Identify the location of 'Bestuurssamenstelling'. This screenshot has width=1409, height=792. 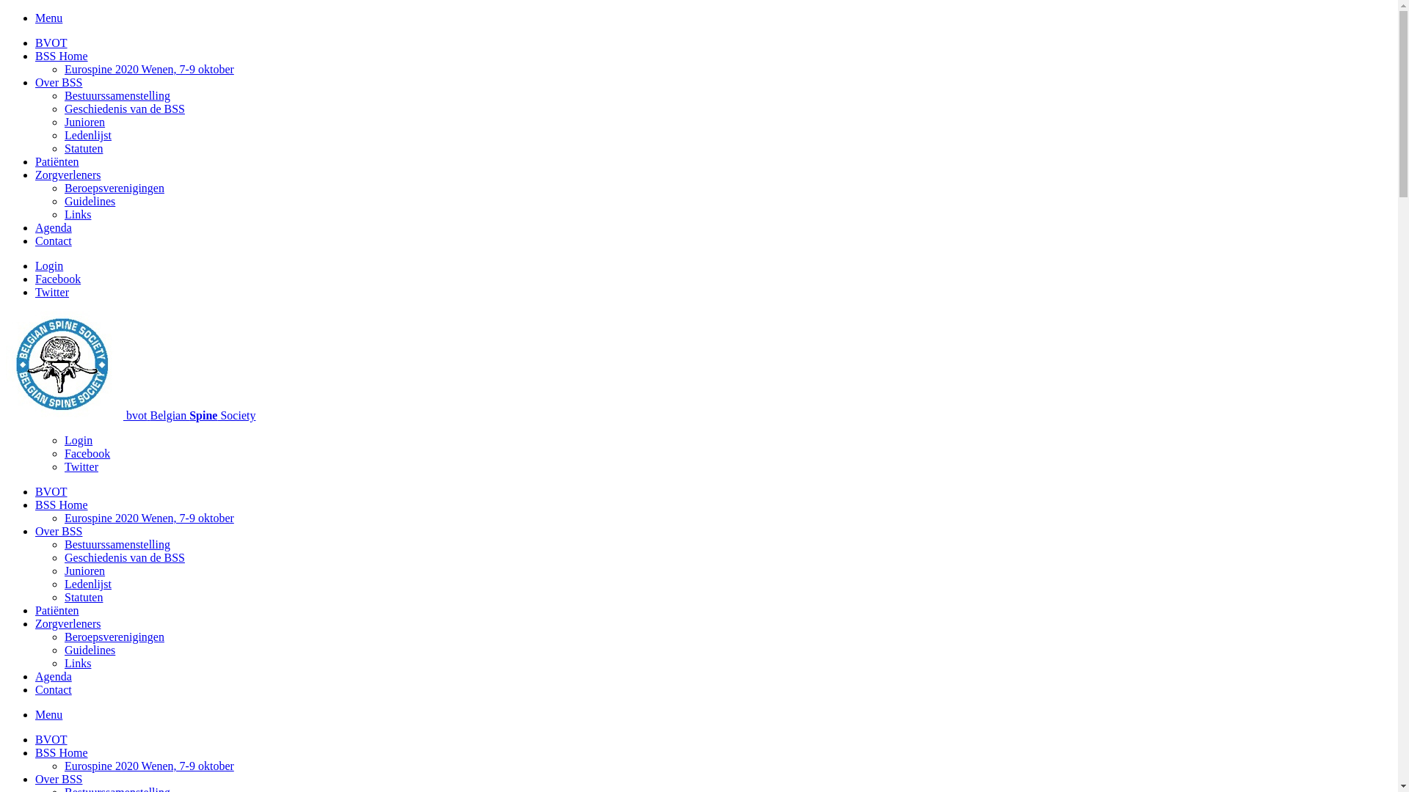
(116, 95).